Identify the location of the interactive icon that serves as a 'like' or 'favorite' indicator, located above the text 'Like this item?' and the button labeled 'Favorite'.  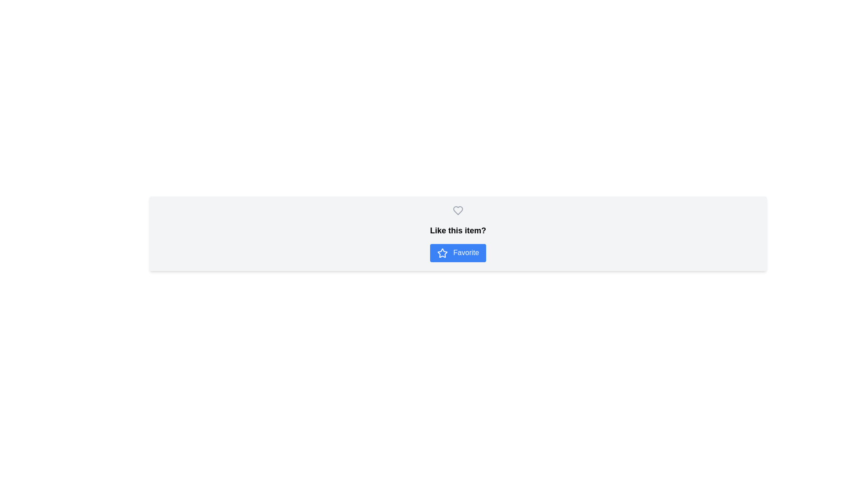
(458, 211).